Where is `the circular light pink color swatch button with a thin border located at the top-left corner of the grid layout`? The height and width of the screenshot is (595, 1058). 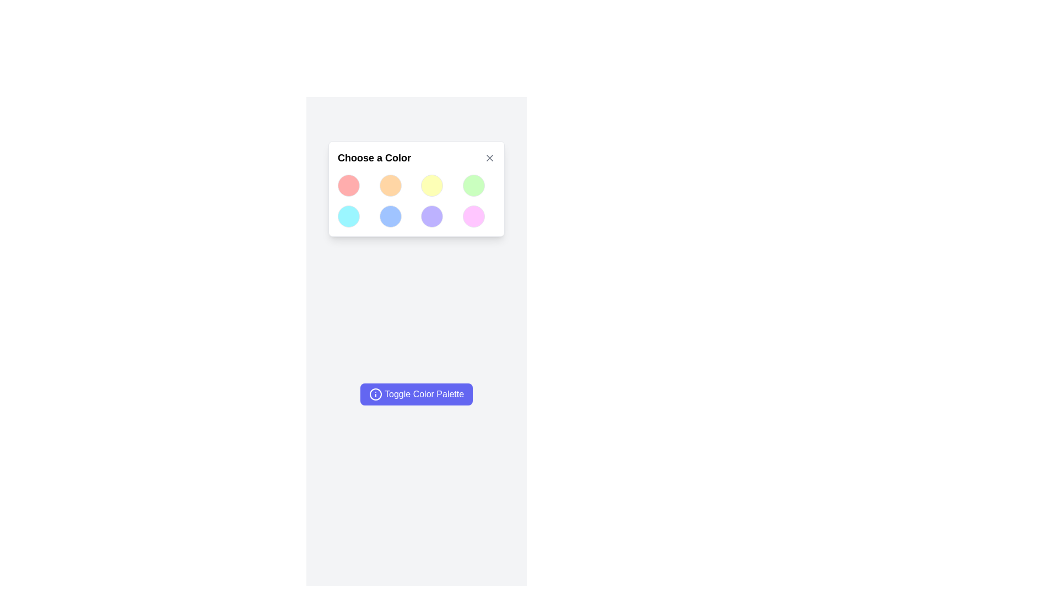 the circular light pink color swatch button with a thin border located at the top-left corner of the grid layout is located at coordinates (348, 185).